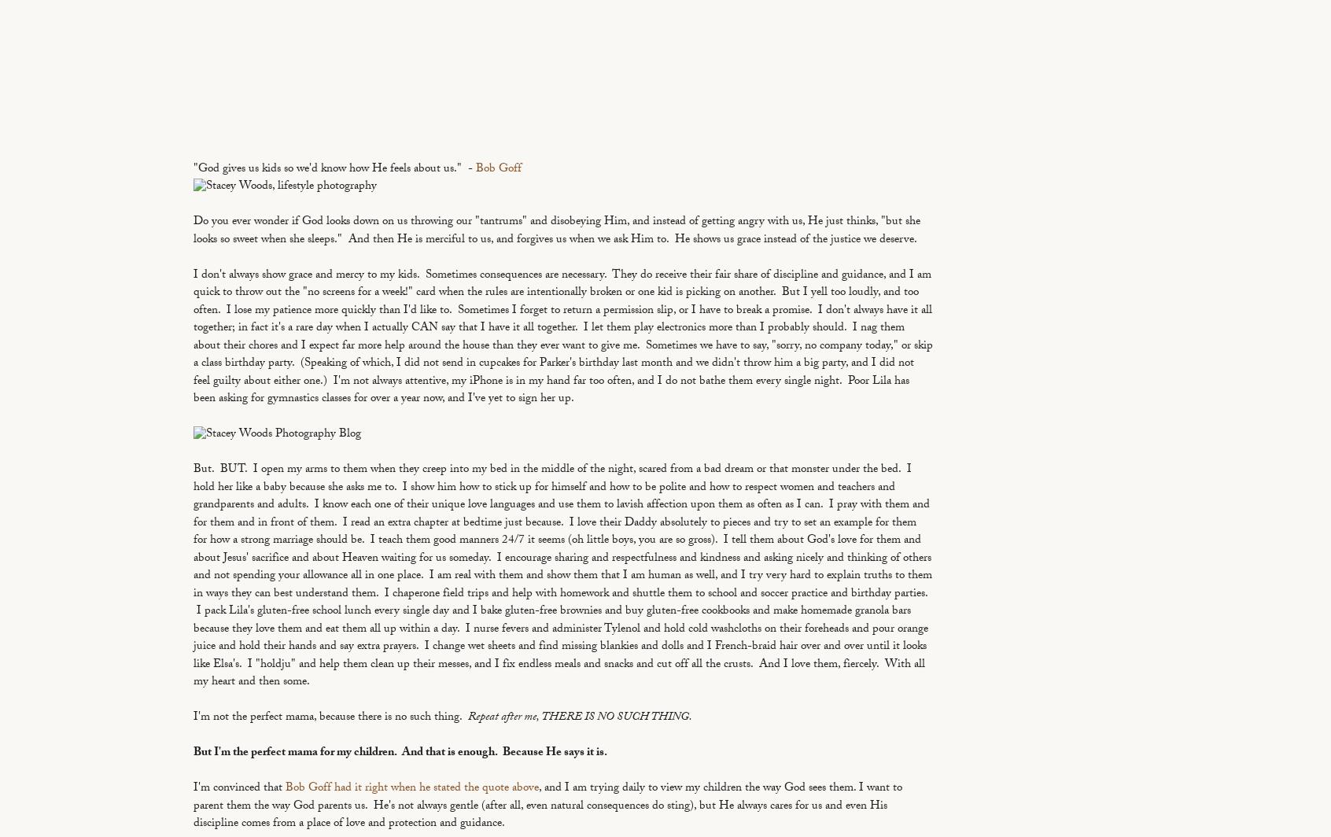 Image resolution: width=1331 pixels, height=837 pixels. Describe the element at coordinates (562, 576) in the screenshot. I see `'But.  BUT.  I open my arms to them when they creep into my bed in the middle of the night, scared from a bad dream or that monster under the bed.  I hold her like a baby because she asks me to.  I show him how to stick up for himself and how to be polite and how to respect women and teachers and grandparents and adults.  I know each one of their unique love languages and use them to lavish affection upon them as often as I can.  I pray with them and for them and in front of them.  I read an extra chapter at bedtime just because.  I love their Daddy absolutely to pieces and try to set an example for them for how a strong marriage should be.  I teach them good manners 24/7 it seems (oh little boys, you are so gross).  I tell them about God's love for them and about Jesus' sacrifice and about Heaven waiting for us someday.  I encourage sharing and respectfulness and kindness and asking nicely and thinking of others and not spending your allowance all in one place.  I am real with them and show them that I am human as well, and I try very hard to explain truths to them in ways they can best understand them.  I chaperone field trips and help with homework and shuttle them to school and soccer practice and birthday parties.  I pack Lila's gluten-free school lunch every single day and I bake gluten-free brownies and buy gluten-free cookbooks and make homemade granola bars because they love them and eat them all up within a day.  I nurse fevers and administer Tylenol and hold cold washcloths on their foreheads and pour orange juice and hold their hands and say extra prayers.  I change wet sheets and find missing blankies and dolls and I French-braid hair over and over until it looks like Elsa's.  I "holdju" and help them clean up their messes, and I fix endless meals and snacks and cut off all the crusts.  And I love them, fiercely.  With all my heart and then some.'` at that location.